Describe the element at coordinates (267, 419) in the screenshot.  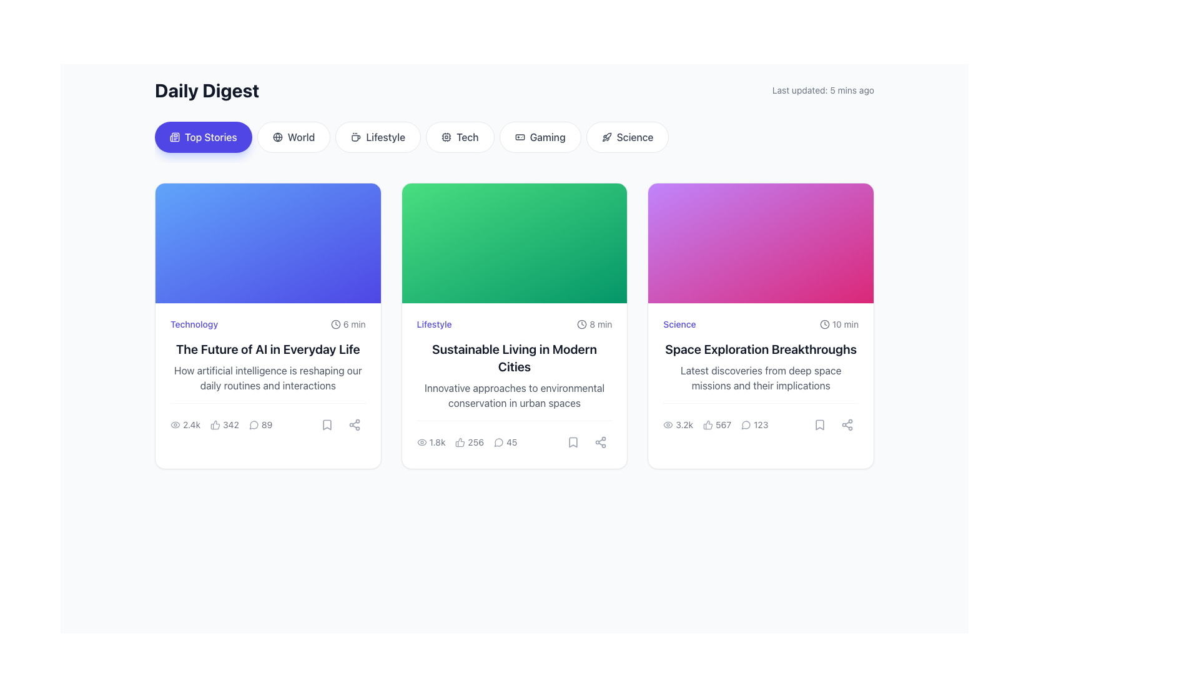
I see `the statistic display at the center of the footer area of the card titled 'The Future of AI in Everyday Life' to perform corresponding actions on the numbers or icons` at that location.